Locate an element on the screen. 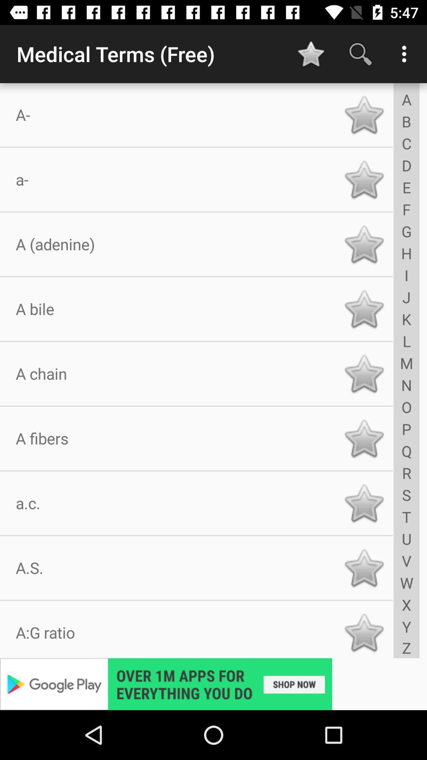 This screenshot has height=760, width=427. to favorites is located at coordinates (364, 179).